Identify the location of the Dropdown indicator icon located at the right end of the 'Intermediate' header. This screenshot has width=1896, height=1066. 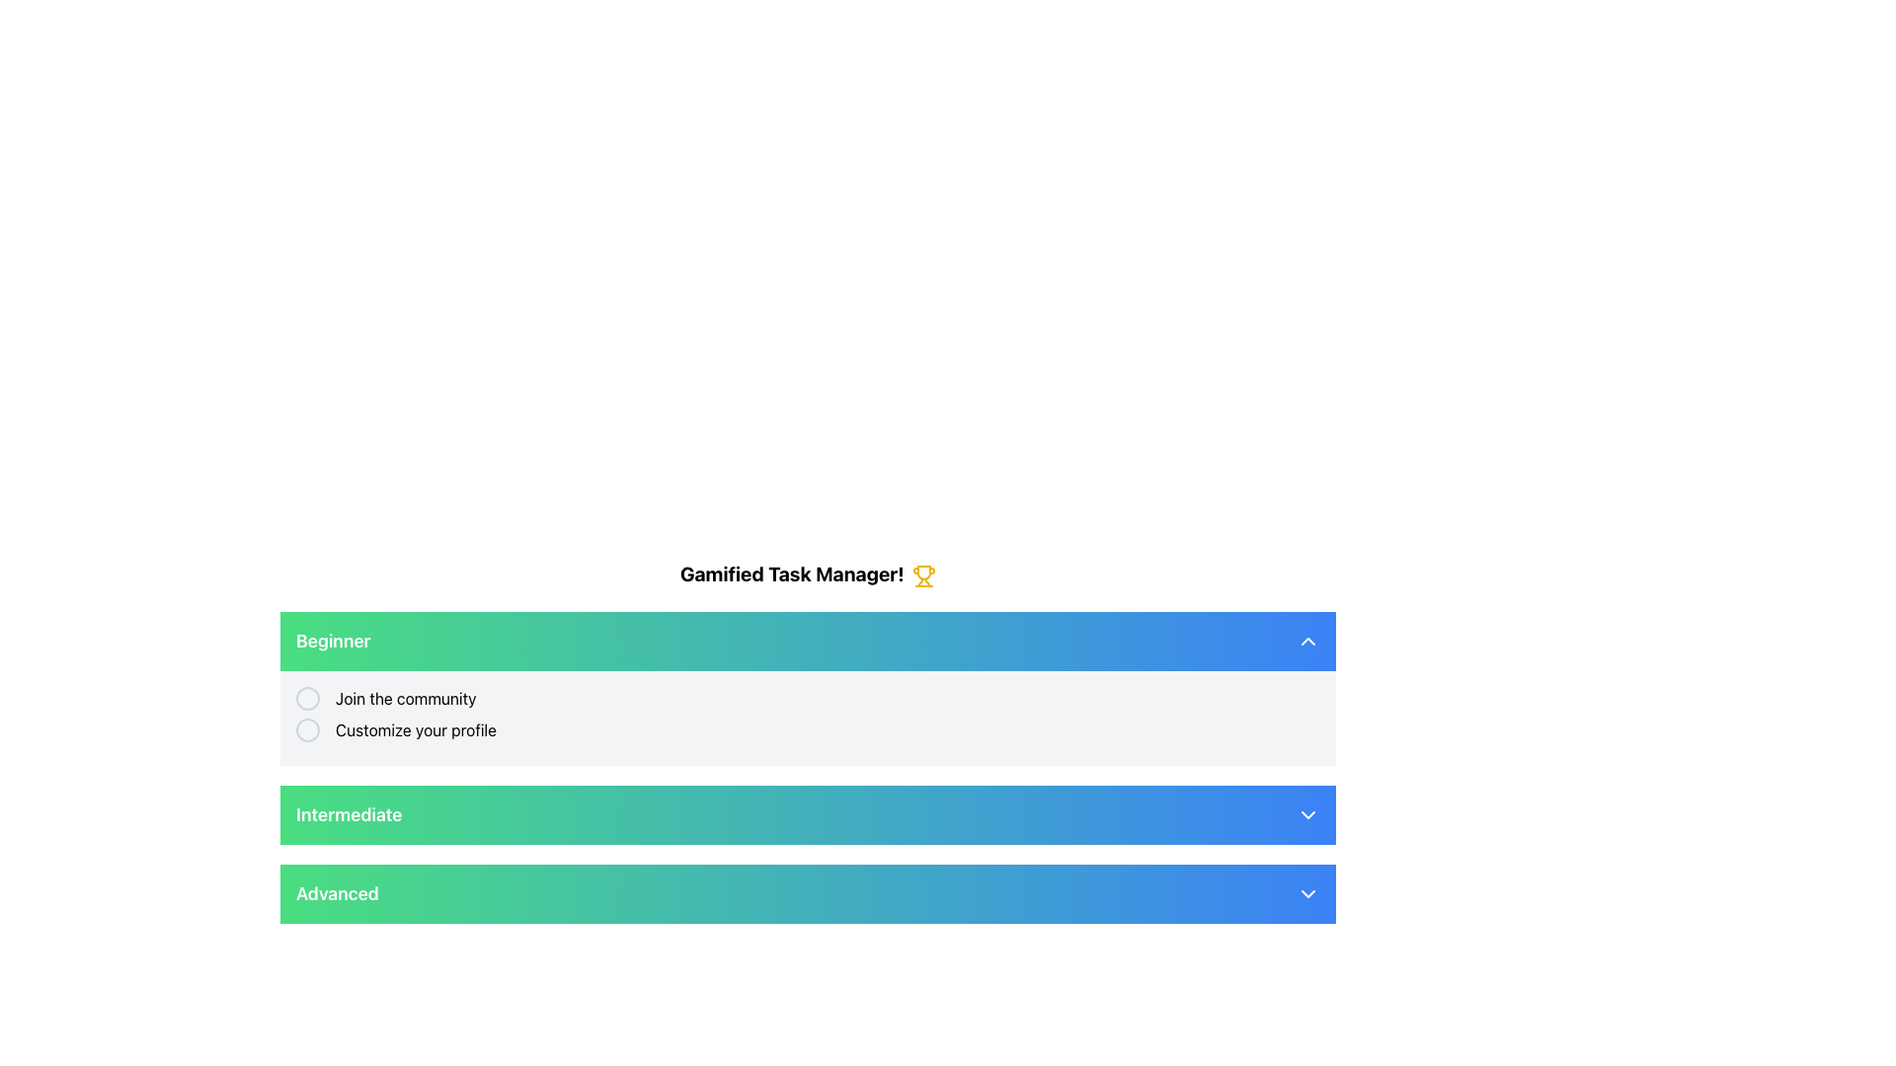
(1307, 814).